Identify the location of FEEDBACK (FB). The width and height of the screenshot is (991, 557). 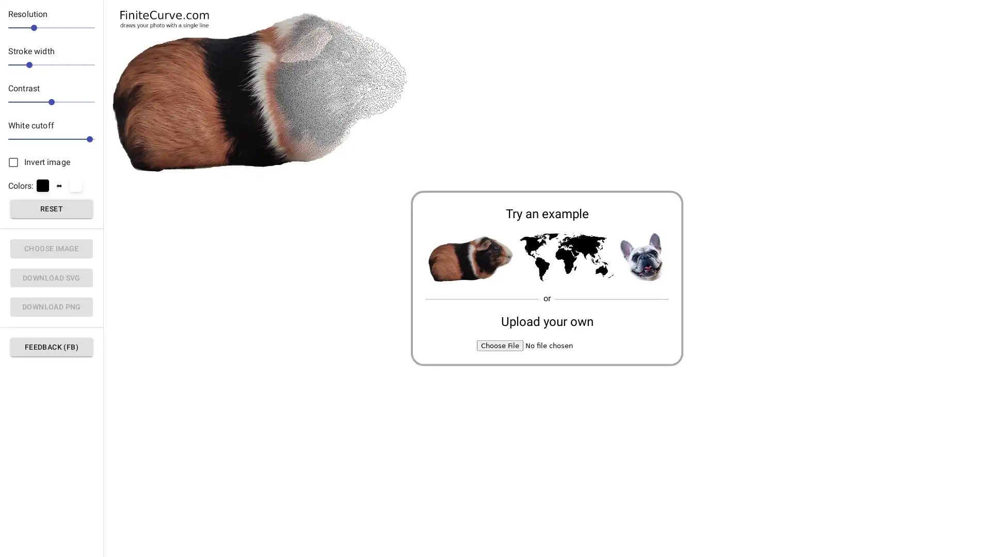
(51, 347).